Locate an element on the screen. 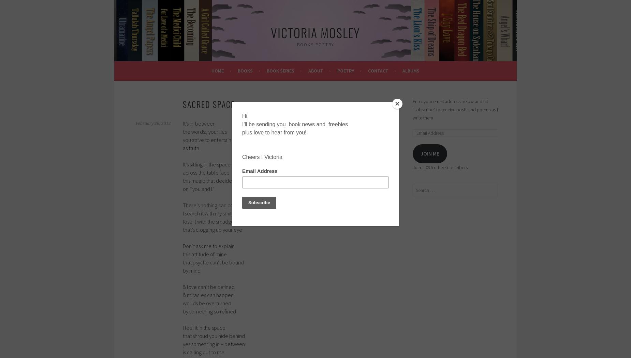 The width and height of the screenshot is (631, 358). 'Join me' is located at coordinates (429, 153).